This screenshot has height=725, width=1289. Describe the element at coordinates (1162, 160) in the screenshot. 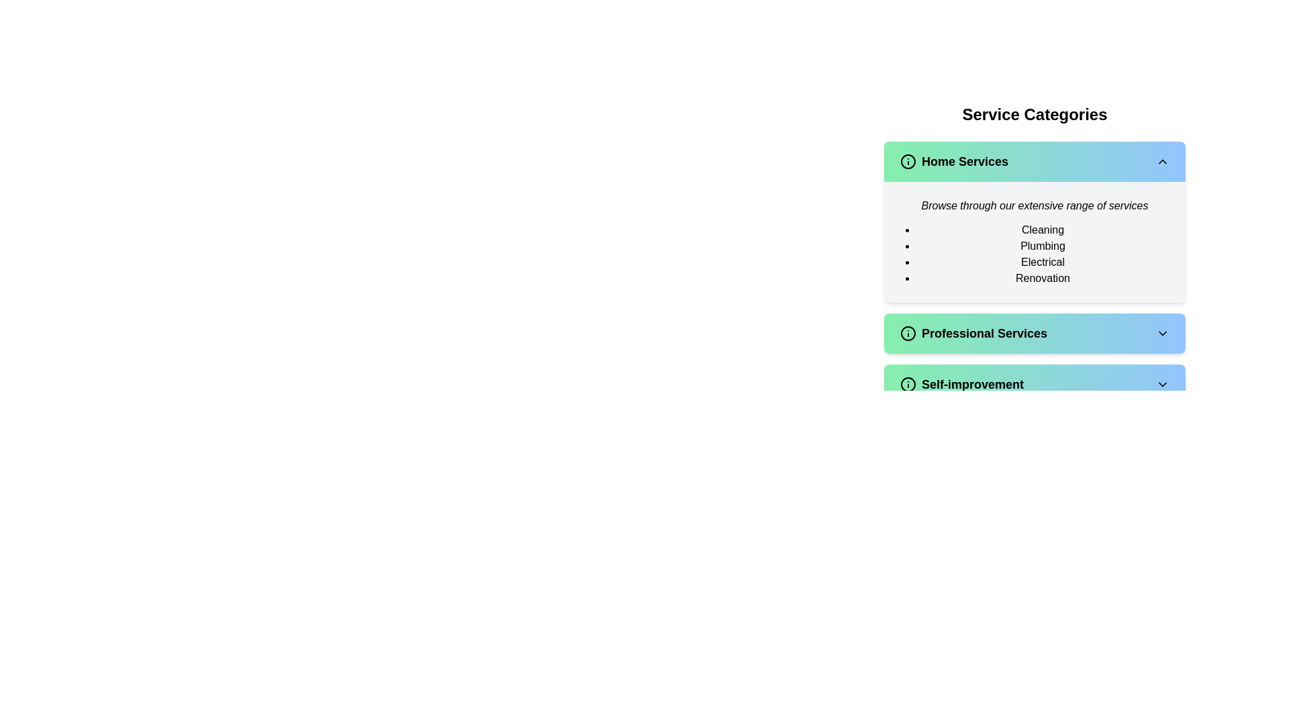

I see `the chevron icon located at the far right end of the 'Home Services' section` at that location.